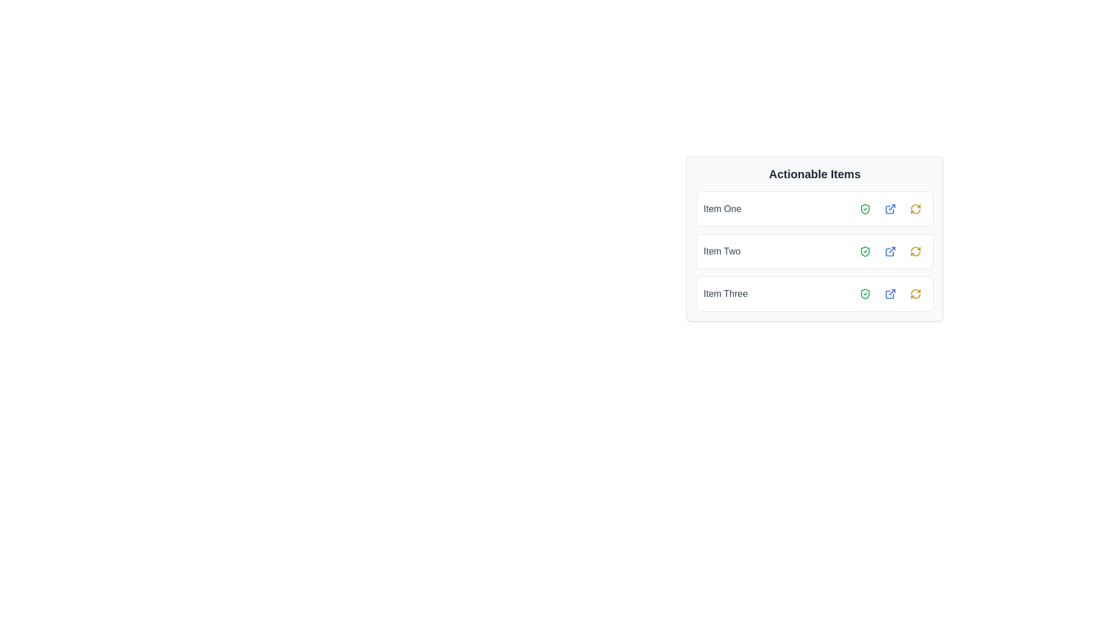  Describe the element at coordinates (865, 251) in the screenshot. I see `the shield icon indicating a status or property associated with 'Item Two', which has a red fill to signify an alert or warning. This icon is located to the right of the 'Item Two' text in the vertical list and left of the refresh icon` at that location.